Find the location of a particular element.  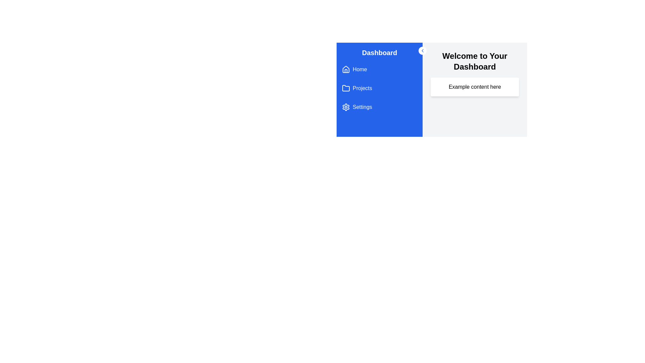

the circular button with a white background and blue chevron icon pointing left, located at the upper right corner of the blue sidebar is located at coordinates (422, 50).